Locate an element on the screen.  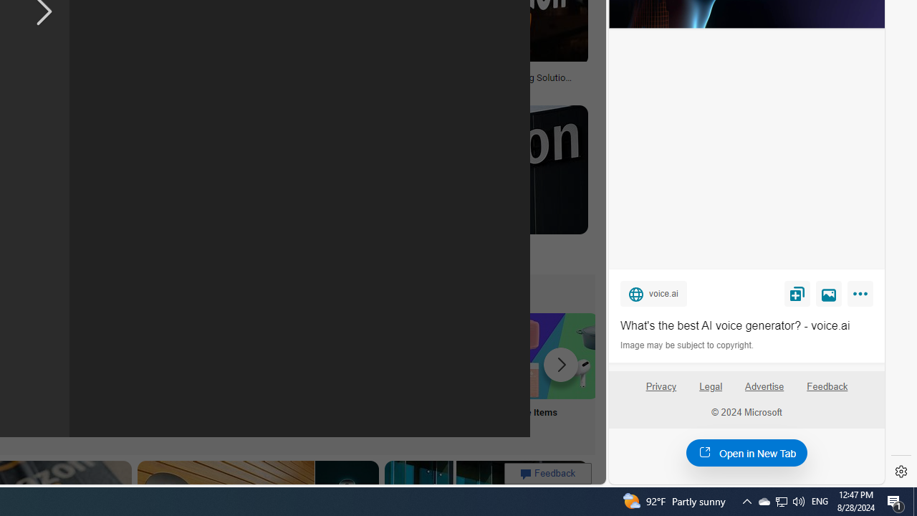
'More' is located at coordinates (862, 295).